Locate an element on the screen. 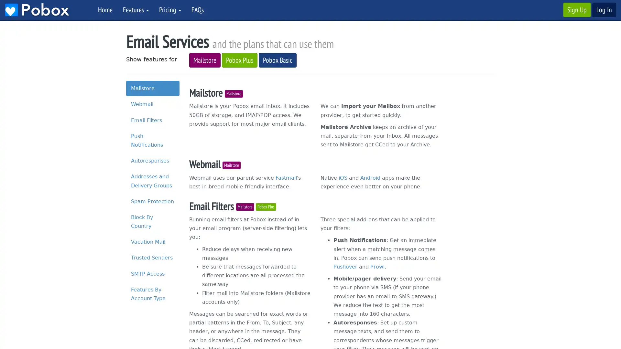 This screenshot has height=349, width=621. Mailstore is located at coordinates (204, 60).